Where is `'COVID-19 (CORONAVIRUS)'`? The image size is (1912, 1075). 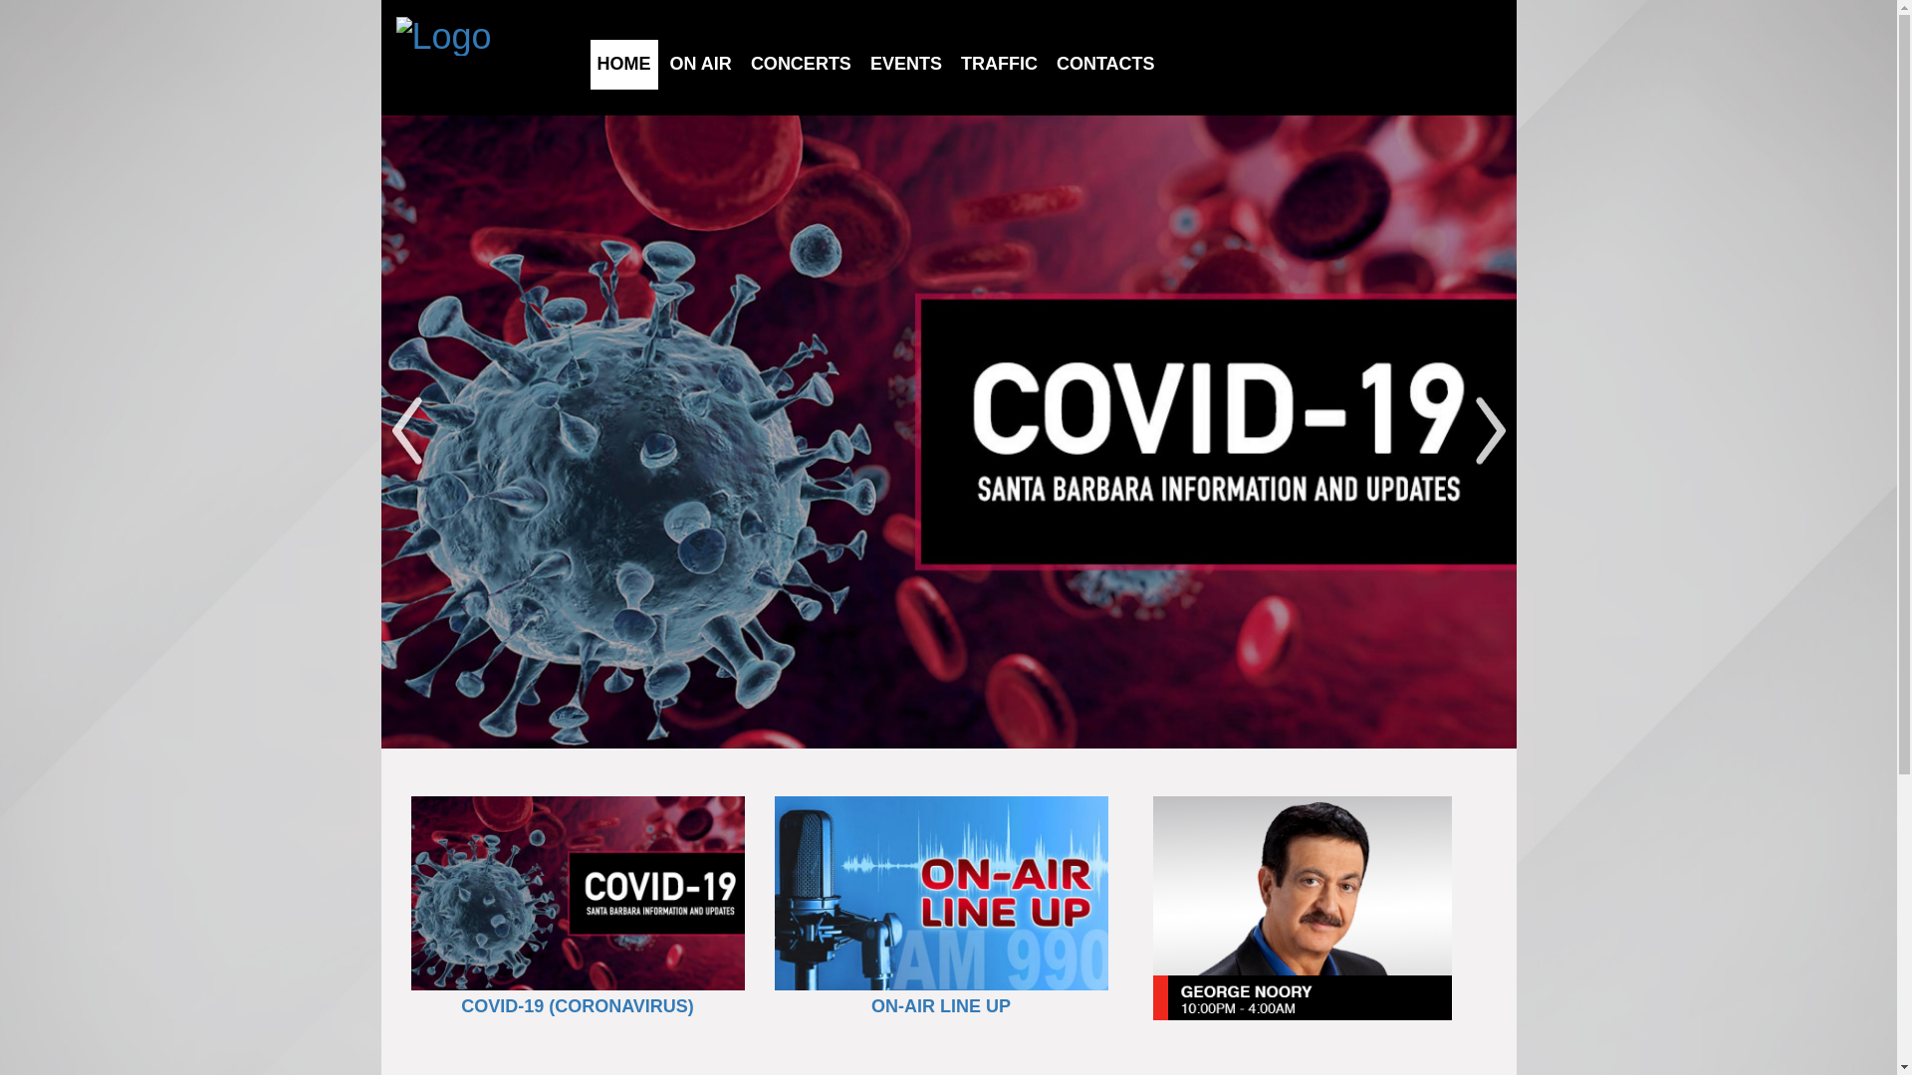
'COVID-19 (CORONAVIRUS)' is located at coordinates (459, 1005).